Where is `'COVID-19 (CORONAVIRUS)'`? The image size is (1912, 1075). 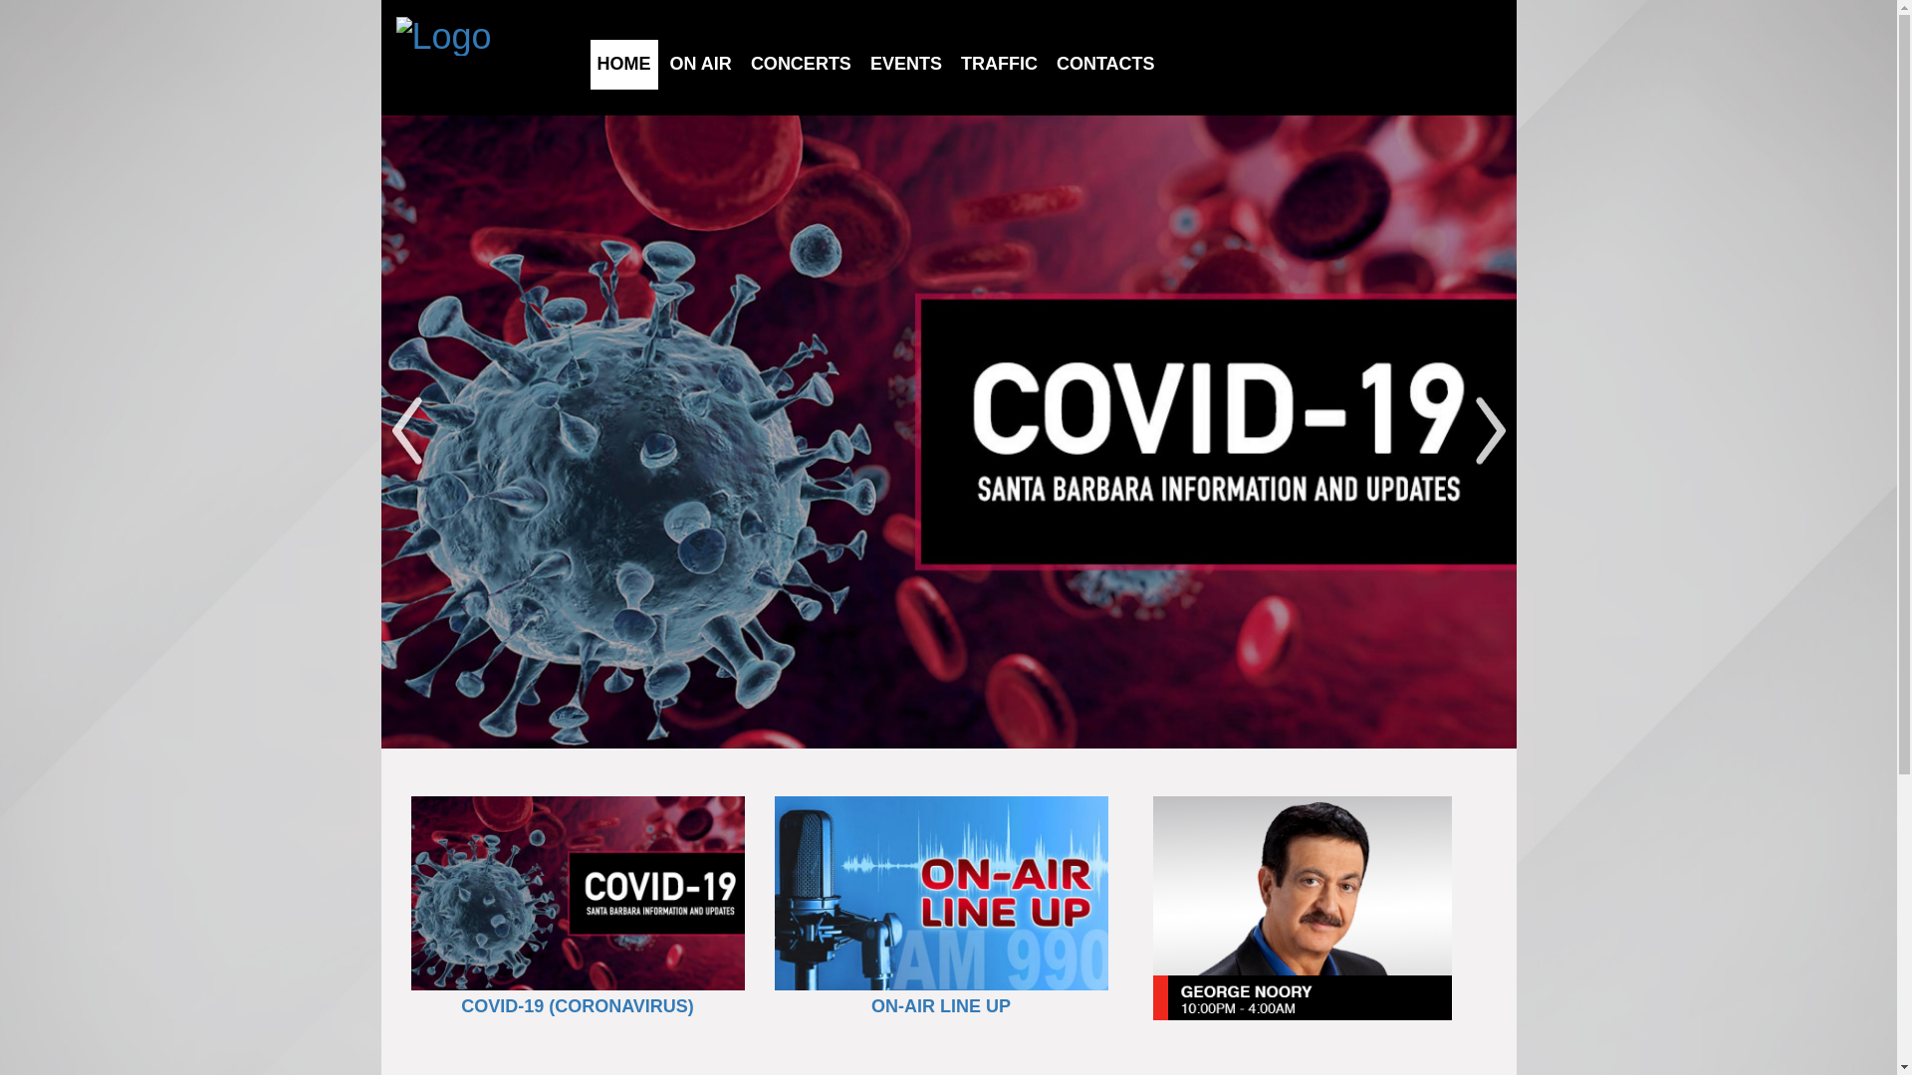
'COVID-19 (CORONAVIRUS)' is located at coordinates (459, 1005).